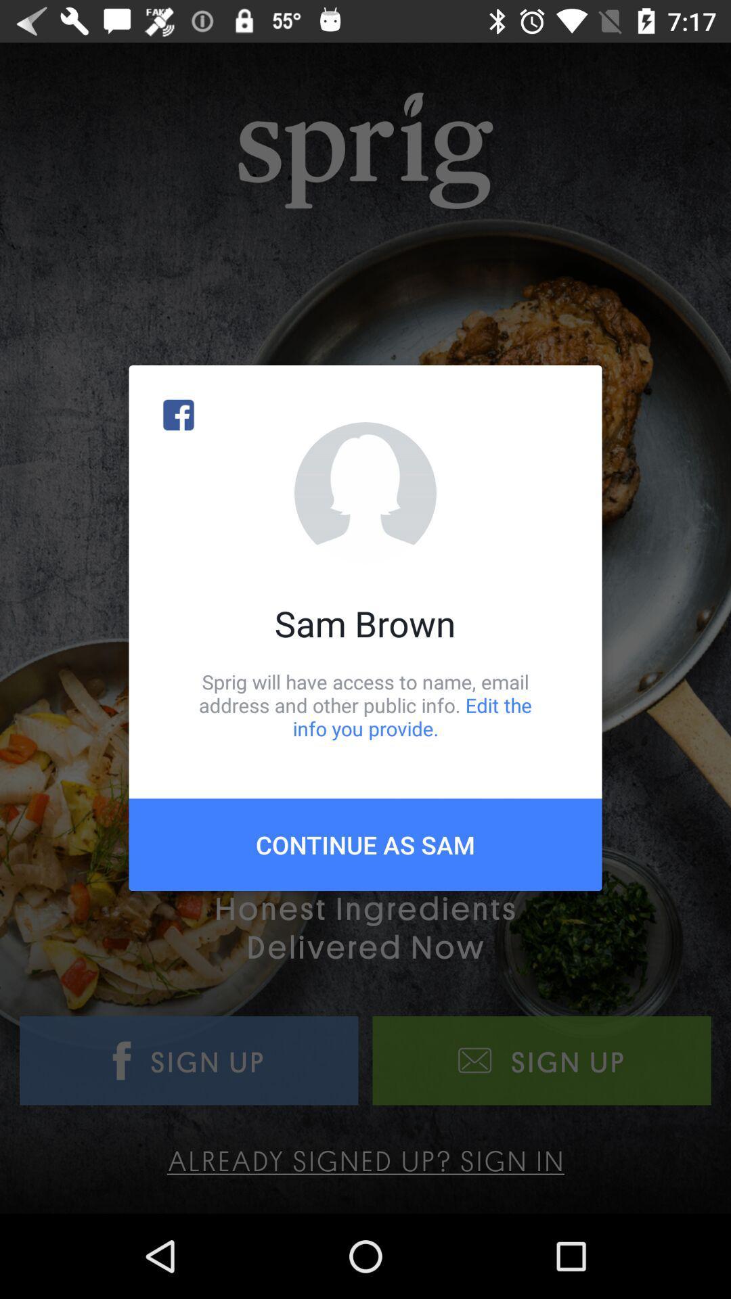 This screenshot has width=731, height=1299. I want to click on icon below sam brown item, so click(365, 704).